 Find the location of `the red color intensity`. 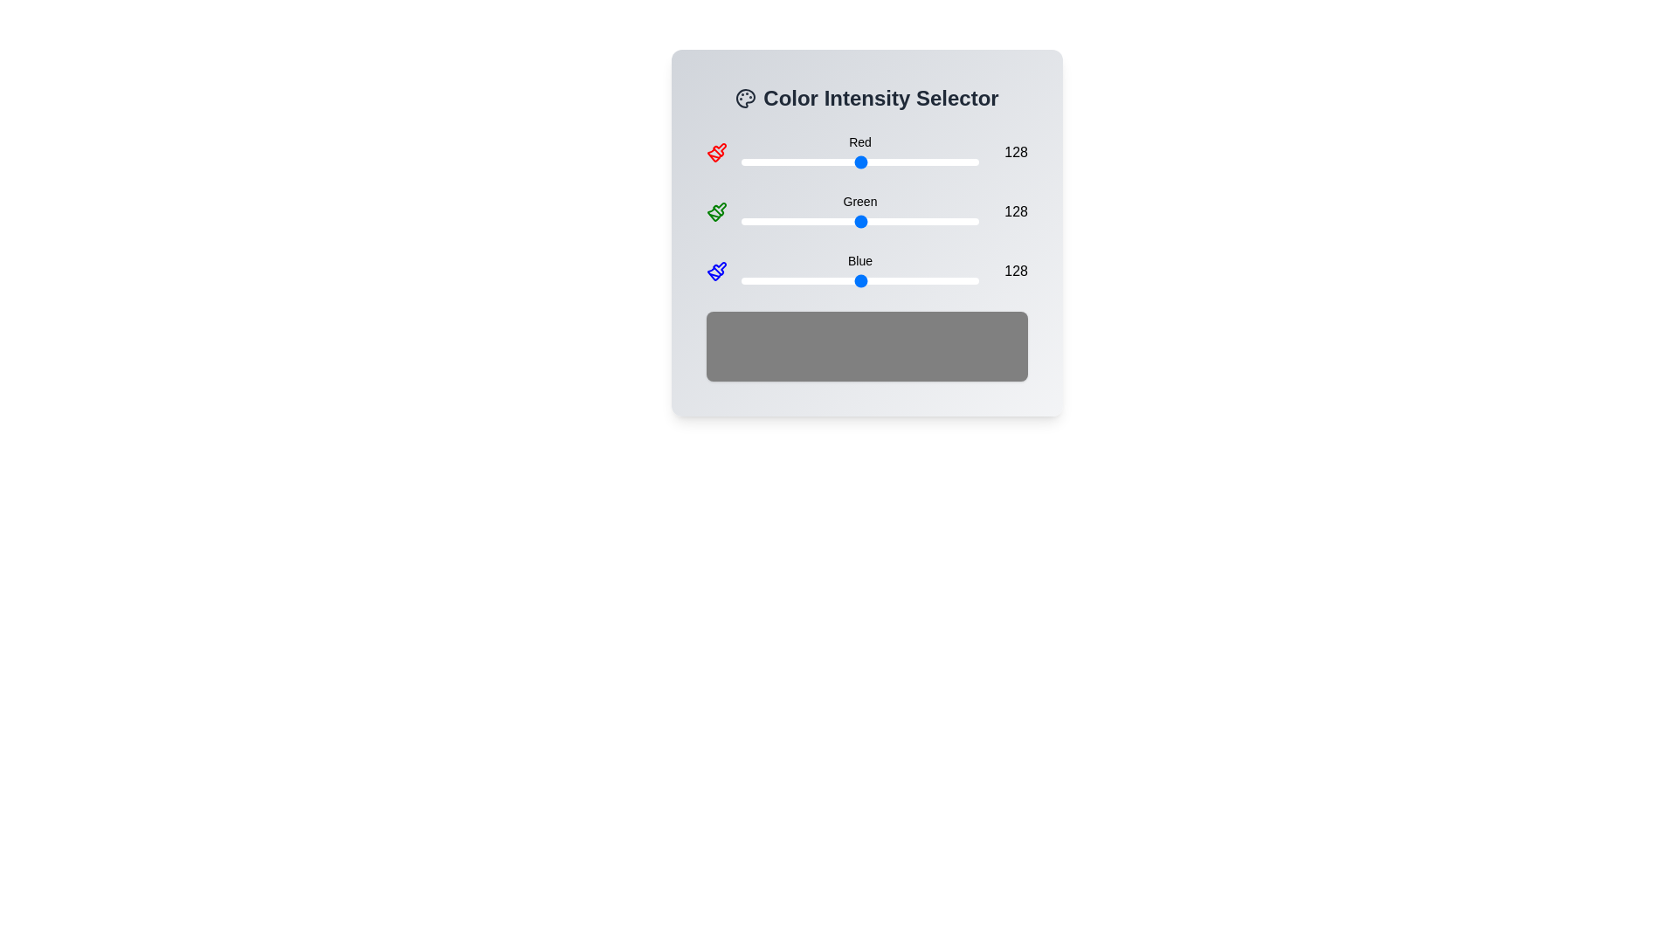

the red color intensity is located at coordinates (942, 162).